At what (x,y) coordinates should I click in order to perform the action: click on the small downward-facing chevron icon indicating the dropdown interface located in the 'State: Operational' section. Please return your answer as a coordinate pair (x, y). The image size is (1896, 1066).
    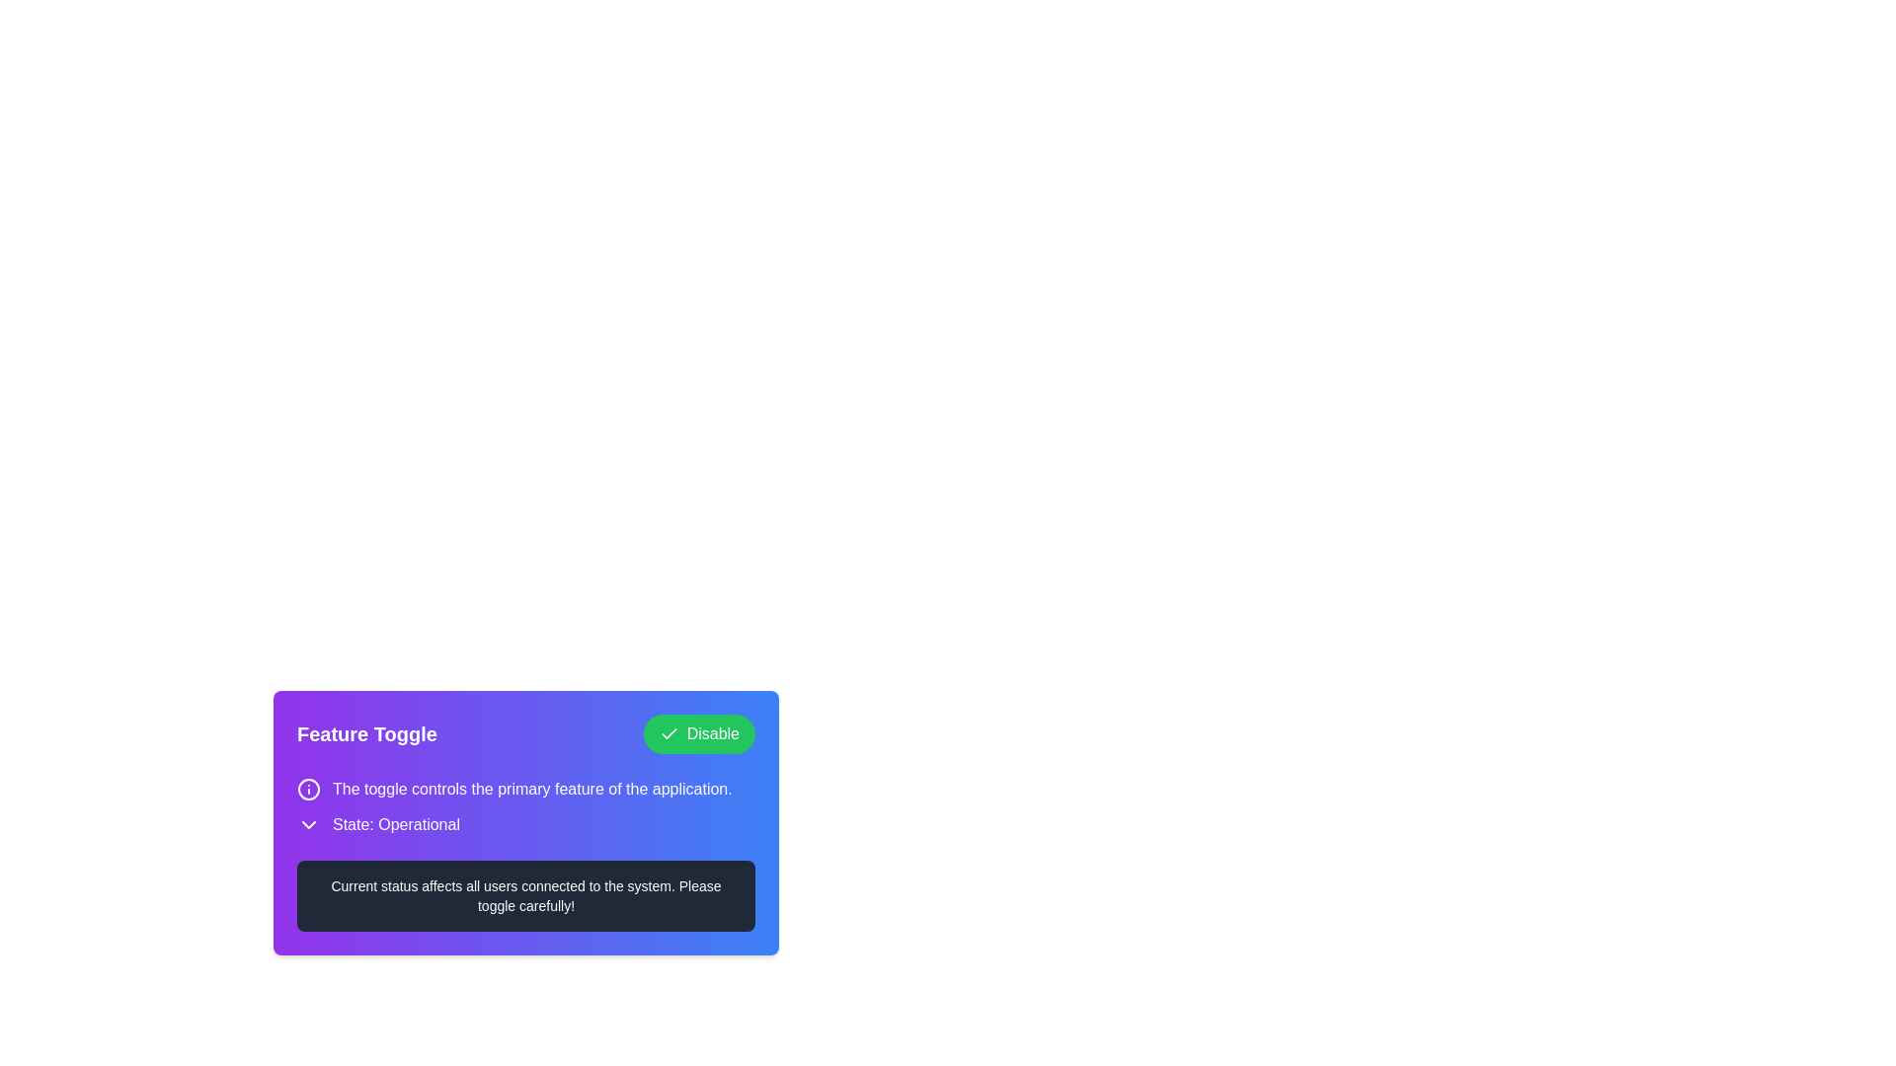
    Looking at the image, I should click on (307, 825).